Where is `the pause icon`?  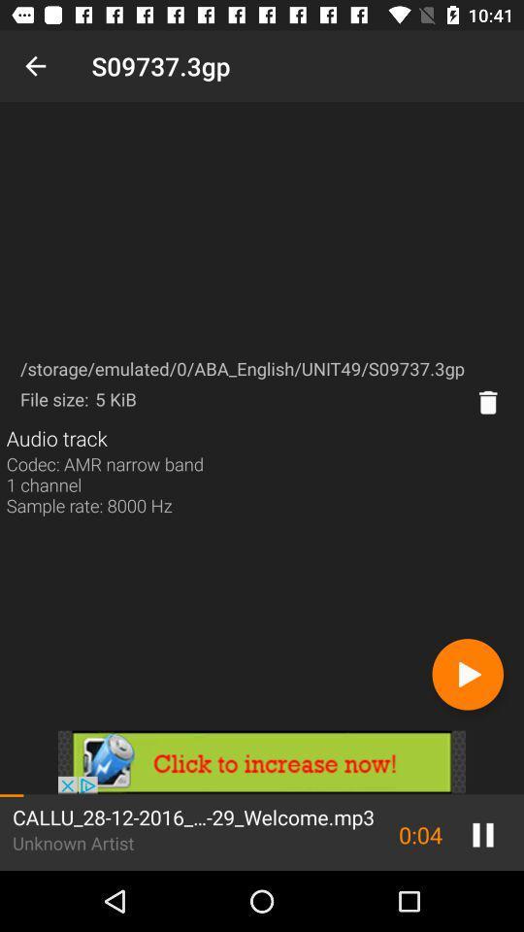
the pause icon is located at coordinates (481, 834).